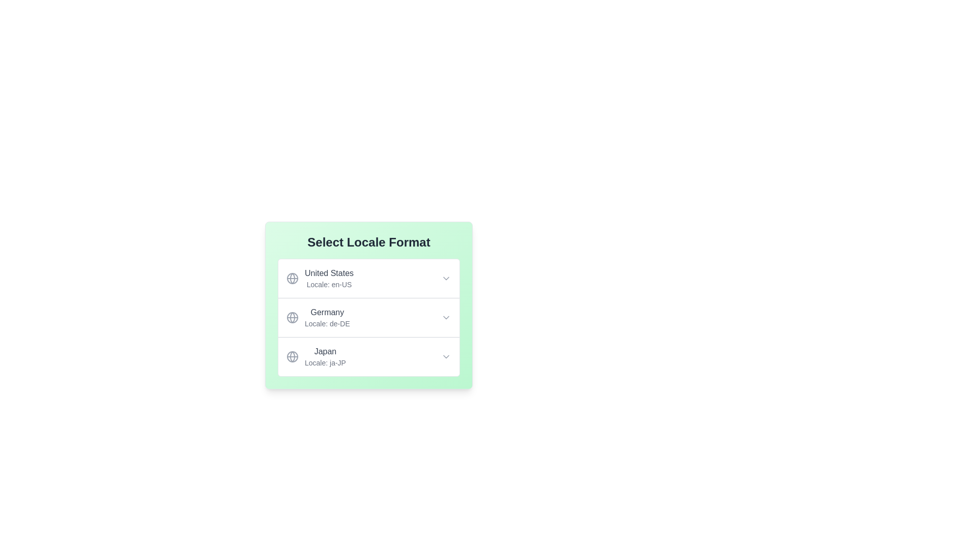  Describe the element at coordinates (368, 337) in the screenshot. I see `the second option in the 'Select Locale Format' menu section` at that location.